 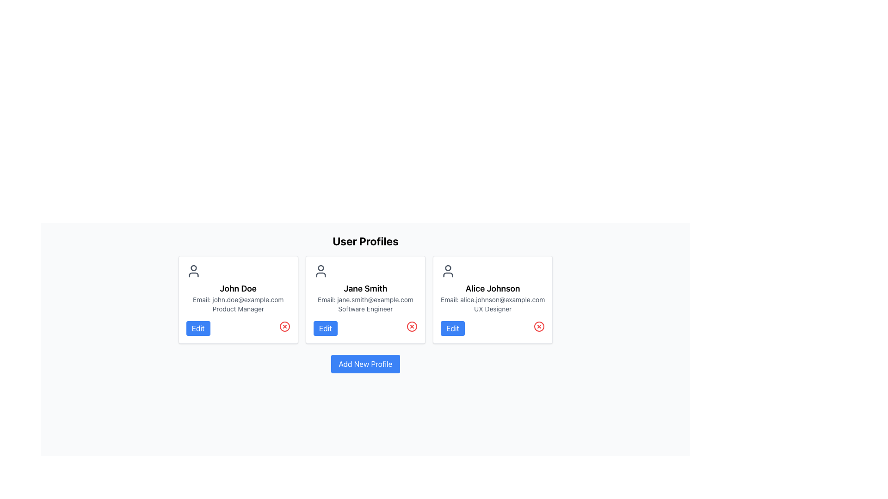 I want to click on the text label displaying the name 'John Doe' which identifies the associated profile in the user interface, so click(x=238, y=288).